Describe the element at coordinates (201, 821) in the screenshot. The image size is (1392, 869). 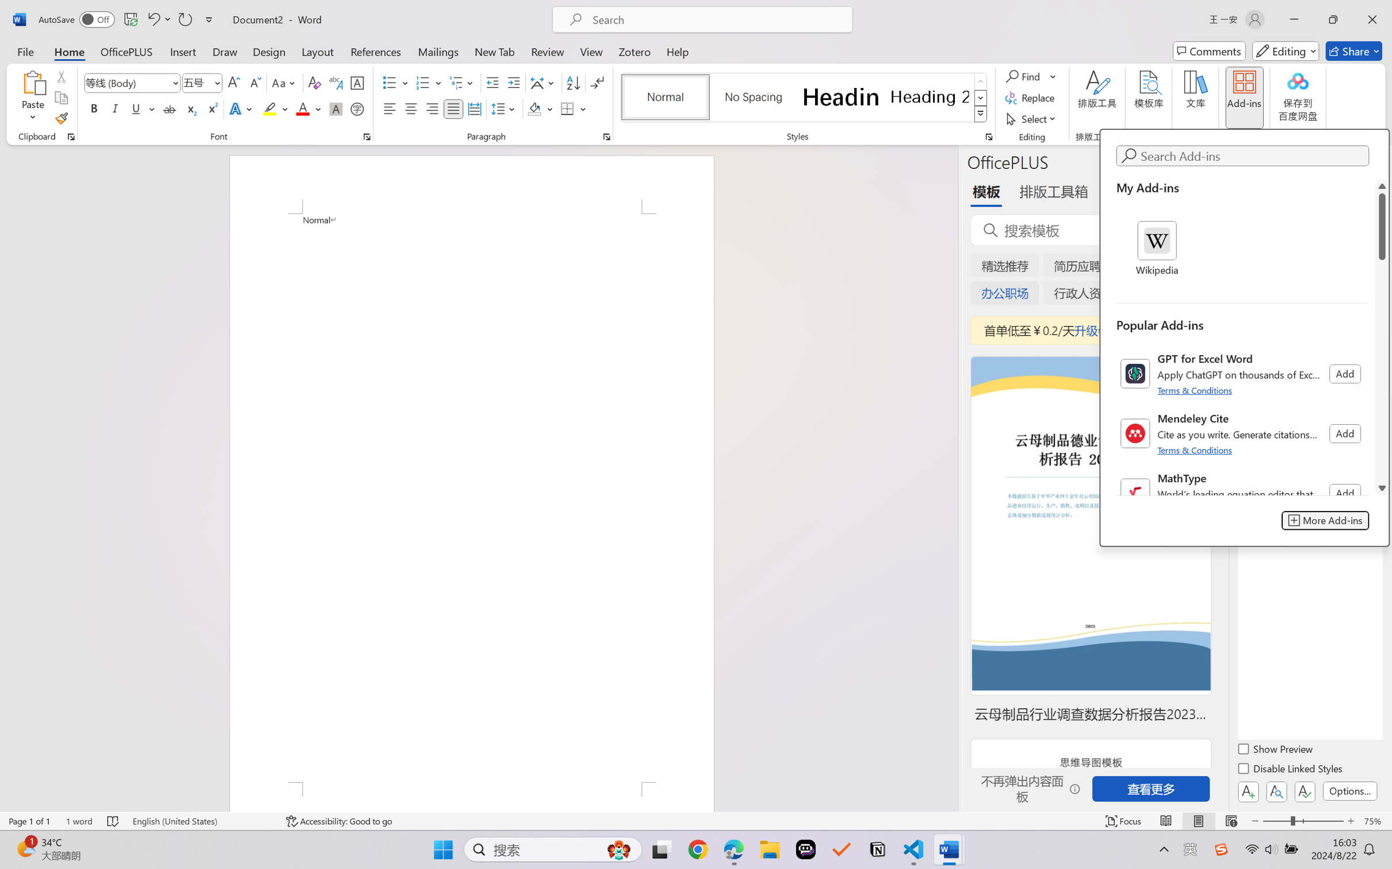
I see `'Language English (United States)'` at that location.